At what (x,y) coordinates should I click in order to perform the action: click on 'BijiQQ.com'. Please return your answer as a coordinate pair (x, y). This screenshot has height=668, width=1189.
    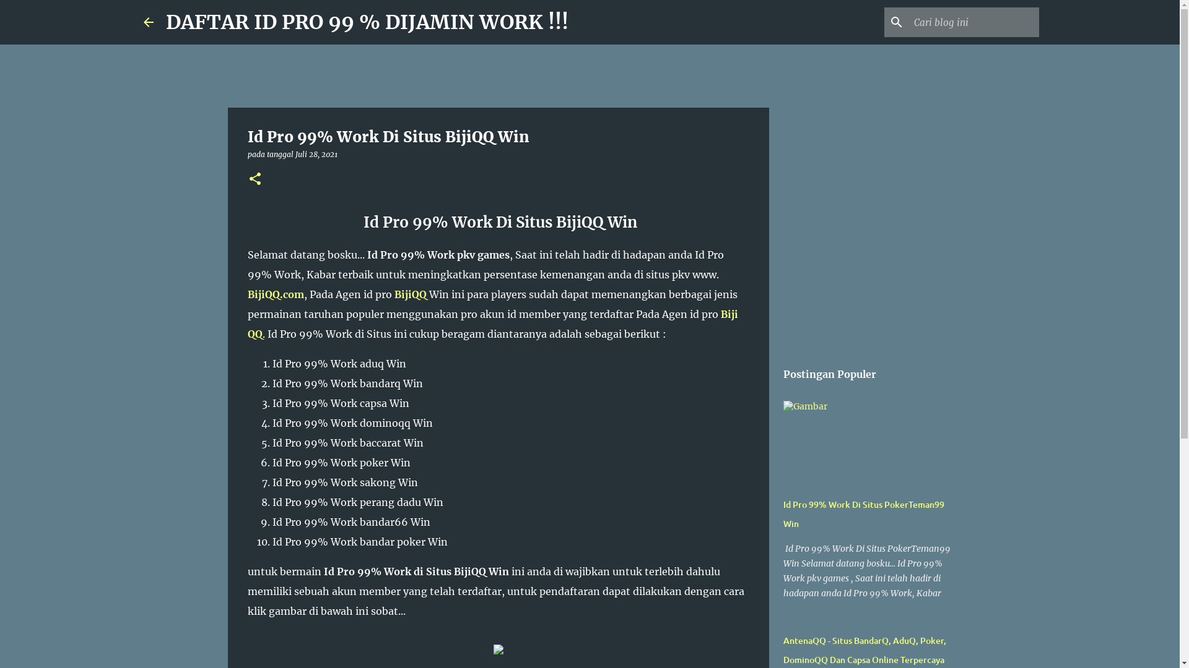
    Looking at the image, I should click on (275, 294).